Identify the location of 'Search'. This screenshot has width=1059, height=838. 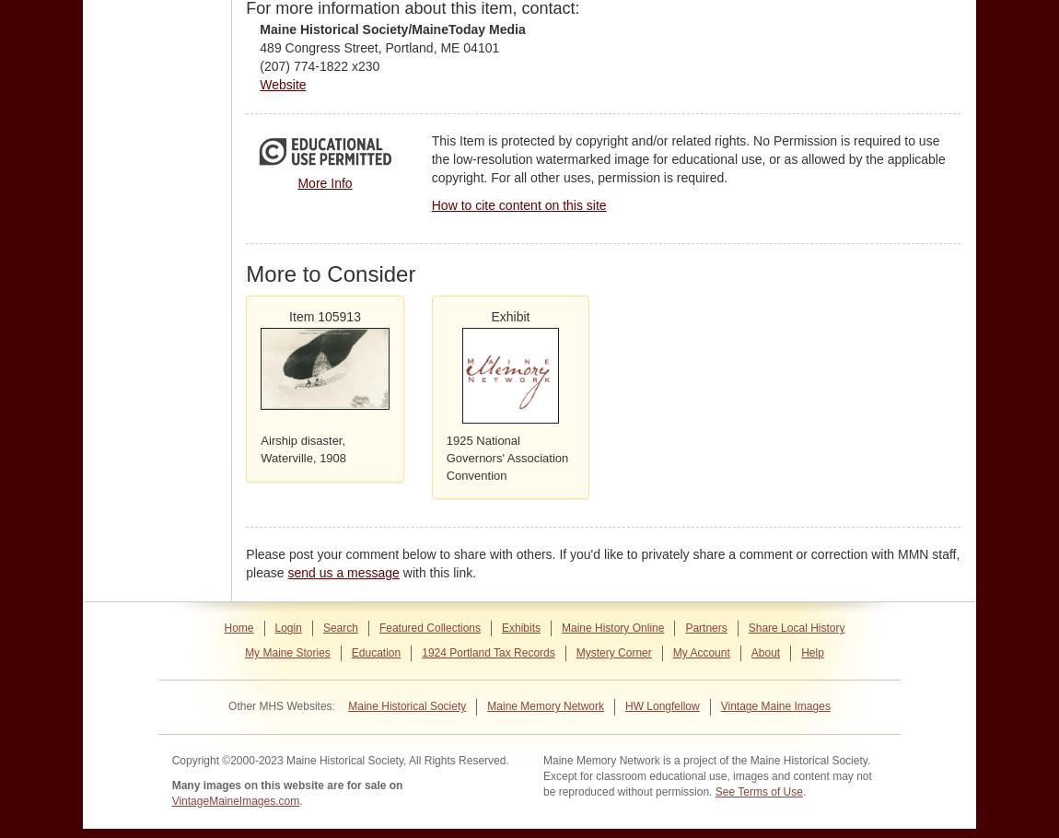
(340, 627).